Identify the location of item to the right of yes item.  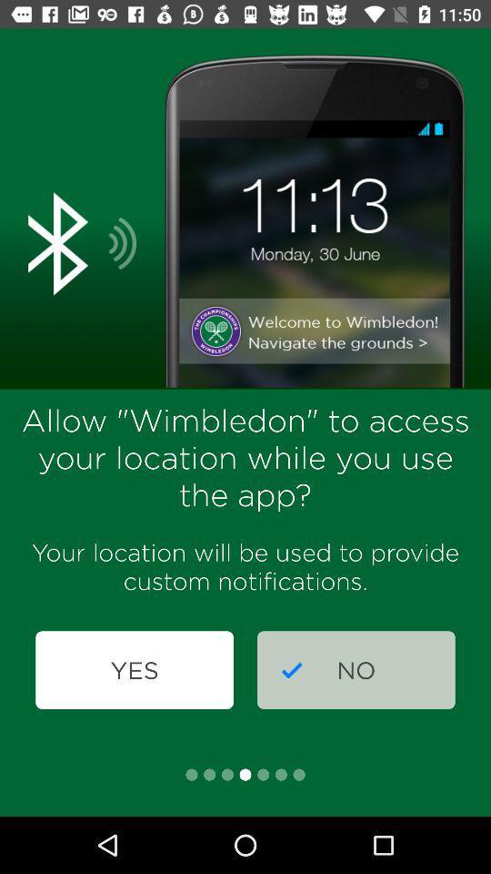
(356, 669).